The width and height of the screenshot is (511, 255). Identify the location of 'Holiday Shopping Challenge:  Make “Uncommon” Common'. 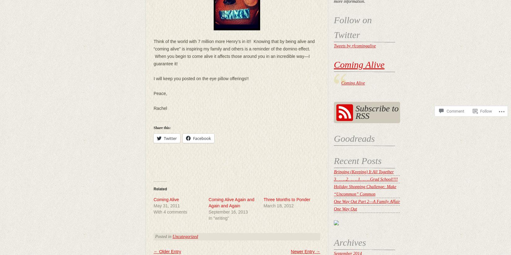
(365, 190).